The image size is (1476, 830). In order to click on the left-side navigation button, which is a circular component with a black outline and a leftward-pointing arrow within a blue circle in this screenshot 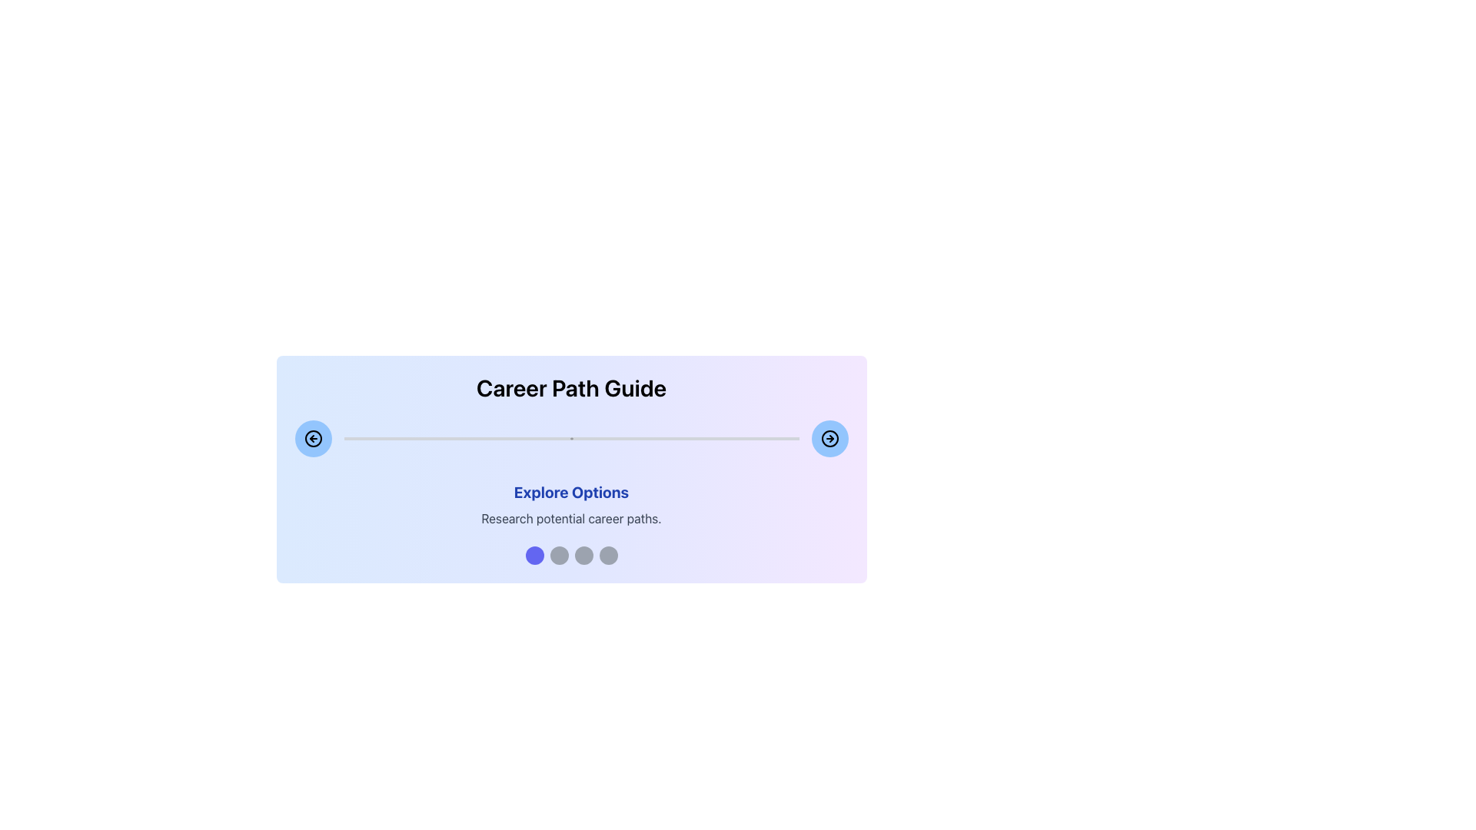, I will do `click(312, 438)`.